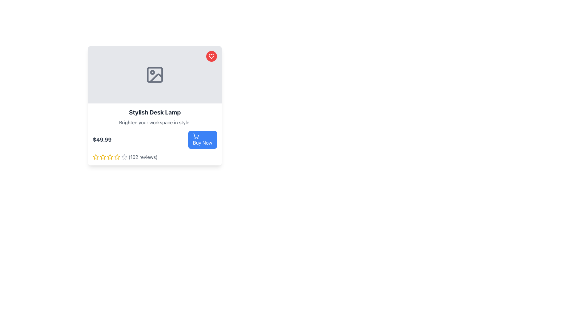 This screenshot has height=322, width=573. Describe the element at coordinates (196, 136) in the screenshot. I see `the shopping cart icon, which is centered within the 'Buy Now' button at the bottom-right corner of the product card` at that location.